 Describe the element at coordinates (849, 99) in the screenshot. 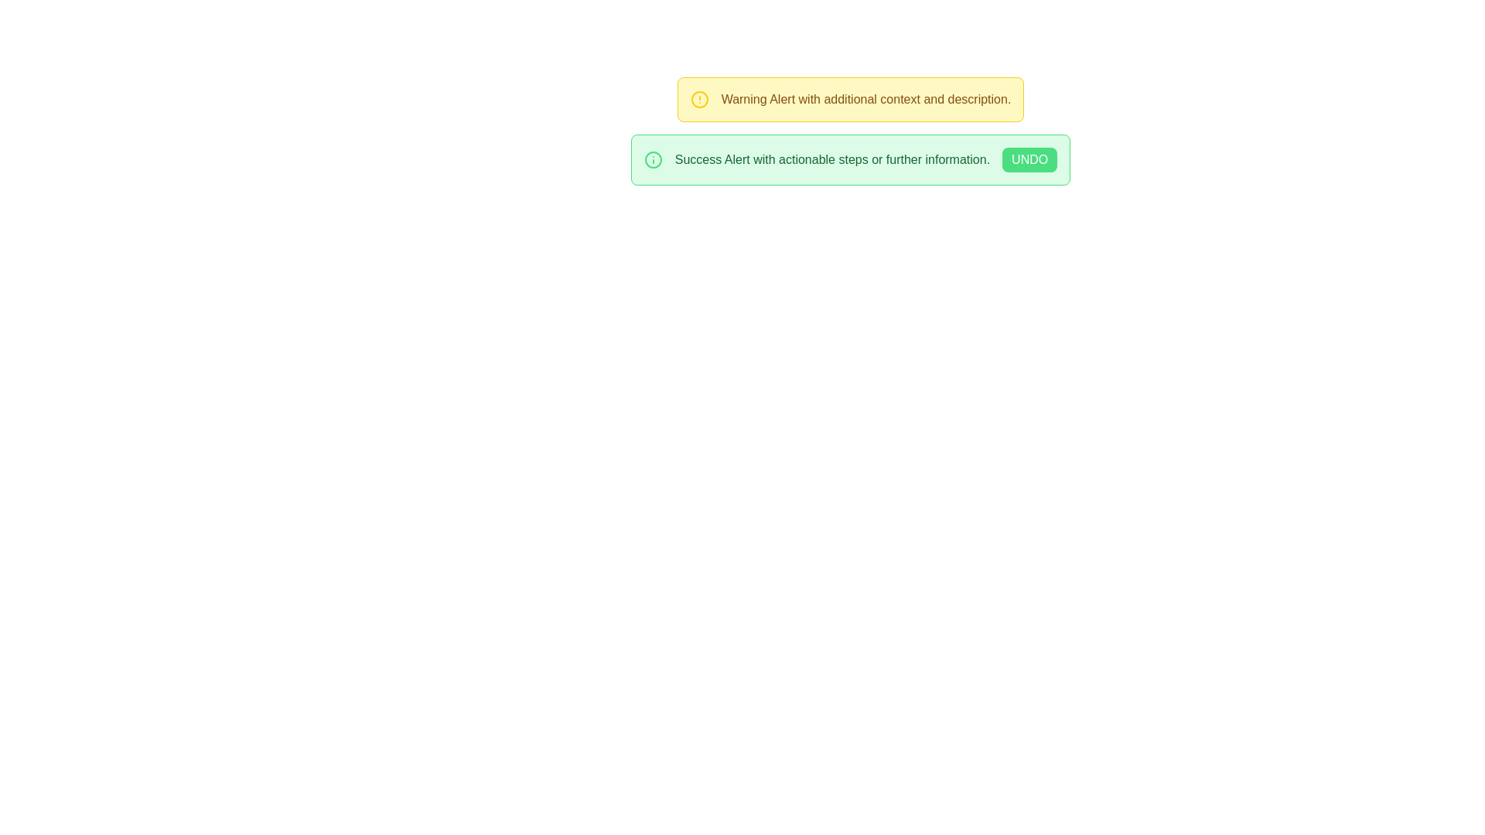

I see `the warning notification box at the top of the notifications stack` at that location.